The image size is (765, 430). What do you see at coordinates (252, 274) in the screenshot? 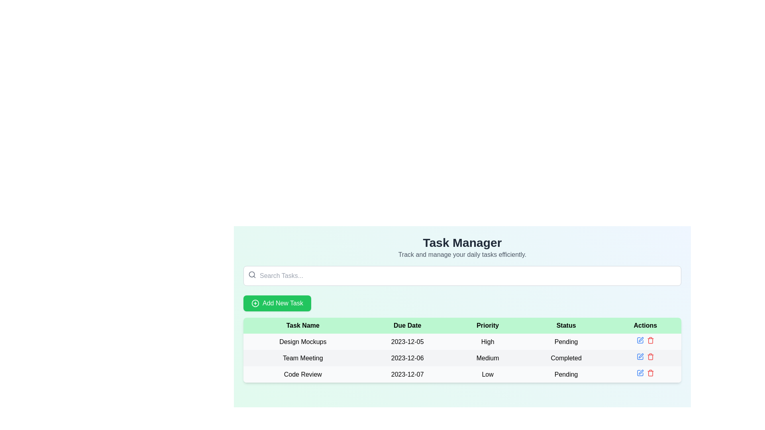
I see `the gray magnifying glass icon, which is located in the top left corner of the 'Search Tasks...' input field` at bounding box center [252, 274].